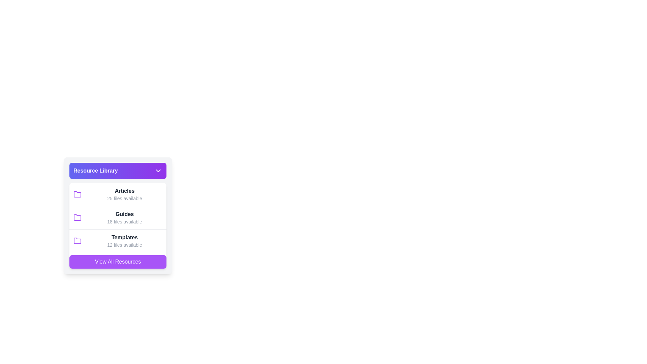 This screenshot has width=647, height=364. Describe the element at coordinates (124, 194) in the screenshot. I see `to select the 'Articles' category in the Resource Library dropdown menu, which is represented by the bold text 'Articles' in the second row` at that location.